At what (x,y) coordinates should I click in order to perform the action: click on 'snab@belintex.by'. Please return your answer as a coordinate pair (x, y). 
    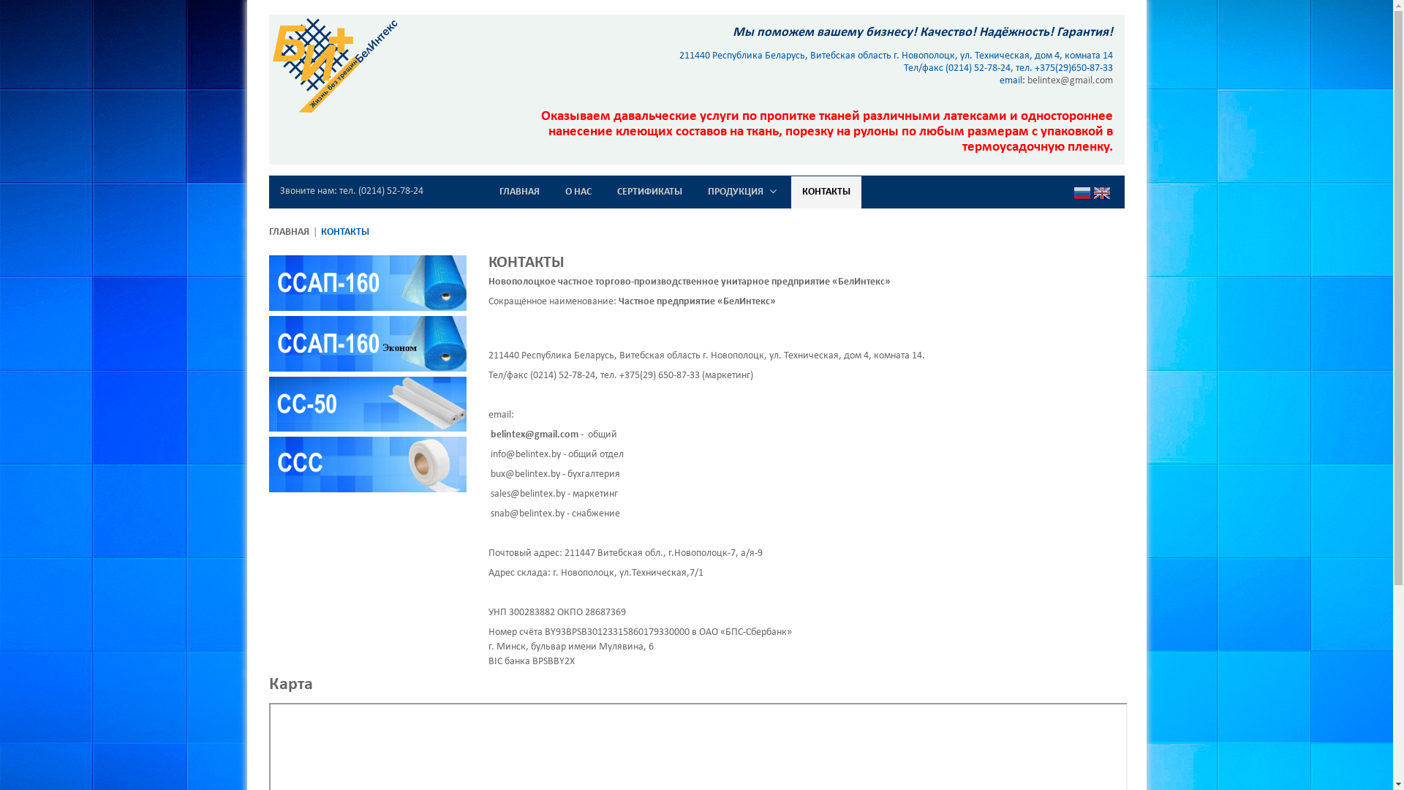
    Looking at the image, I should click on (526, 513).